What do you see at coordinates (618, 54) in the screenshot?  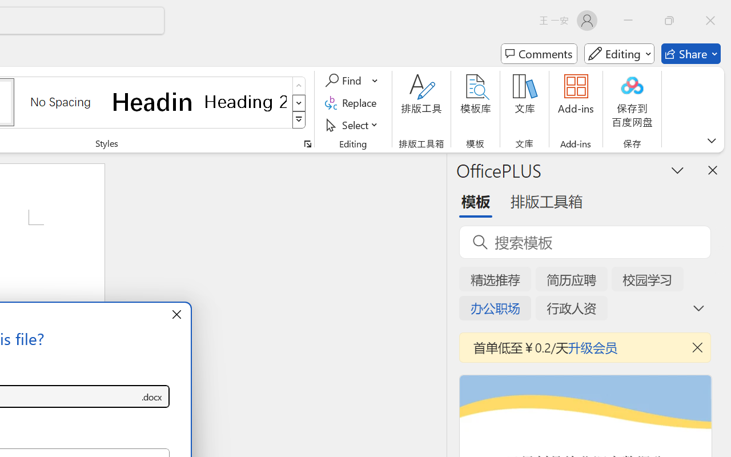 I see `'Mode'` at bounding box center [618, 54].